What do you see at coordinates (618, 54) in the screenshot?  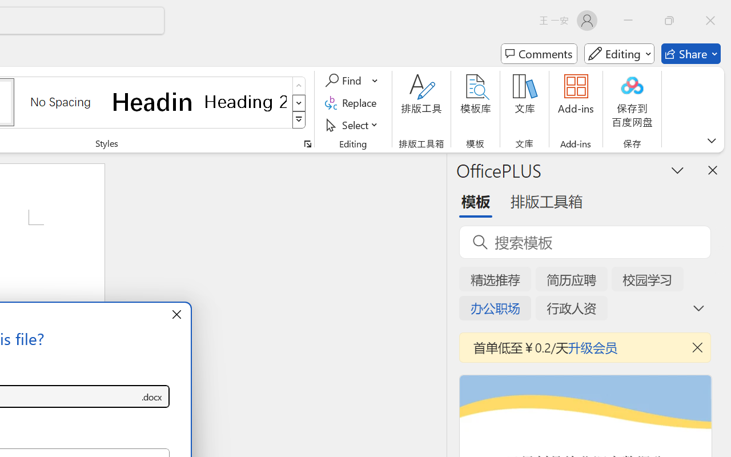 I see `'Mode'` at bounding box center [618, 54].